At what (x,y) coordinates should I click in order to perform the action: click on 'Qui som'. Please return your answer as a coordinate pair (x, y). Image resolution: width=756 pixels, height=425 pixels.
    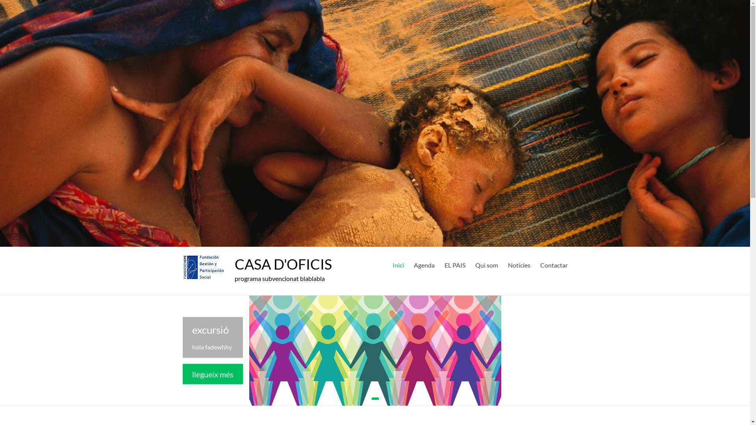
    Looking at the image, I should click on (485, 264).